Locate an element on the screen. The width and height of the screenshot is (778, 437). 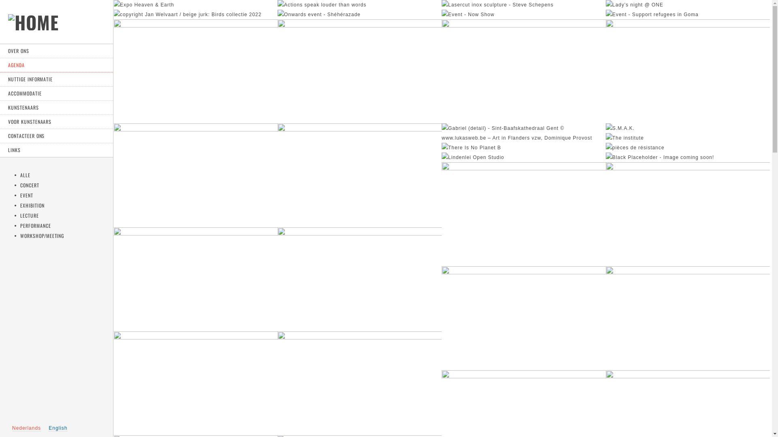
'ALLE' is located at coordinates (25, 174).